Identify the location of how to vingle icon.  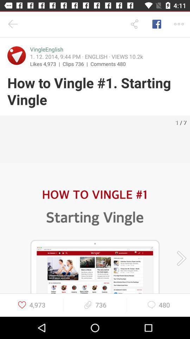
(95, 91).